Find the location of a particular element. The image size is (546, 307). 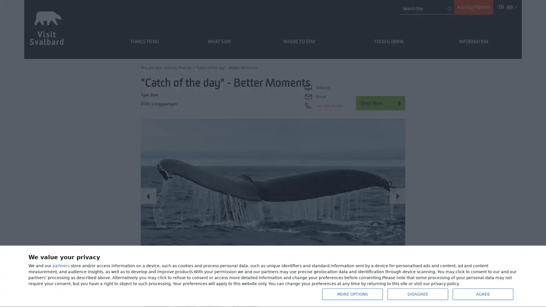

submit is located at coordinates (450, 9).